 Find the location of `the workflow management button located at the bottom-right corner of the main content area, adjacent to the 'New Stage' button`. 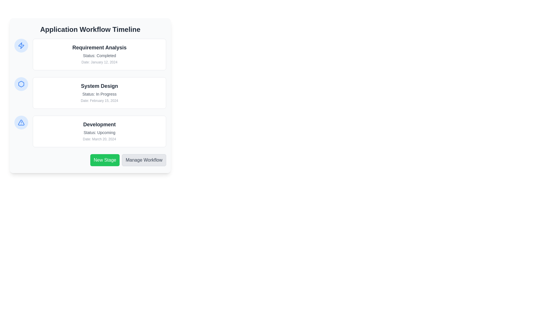

the workflow management button located at the bottom-right corner of the main content area, adjacent to the 'New Stage' button is located at coordinates (144, 160).